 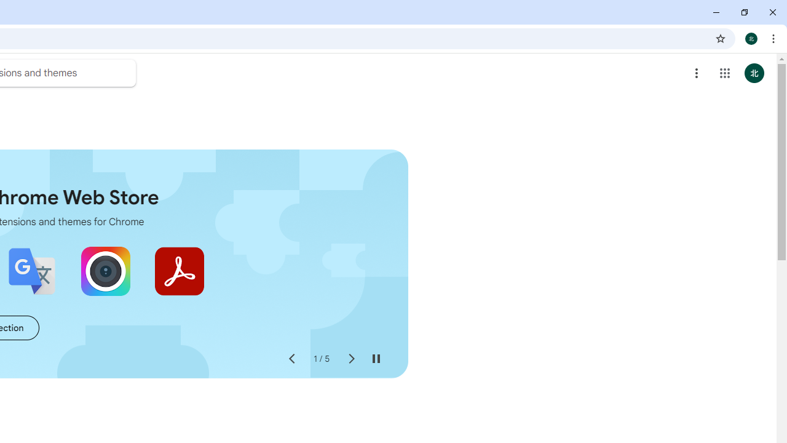 What do you see at coordinates (350, 359) in the screenshot?
I see `'Next slide'` at bounding box center [350, 359].